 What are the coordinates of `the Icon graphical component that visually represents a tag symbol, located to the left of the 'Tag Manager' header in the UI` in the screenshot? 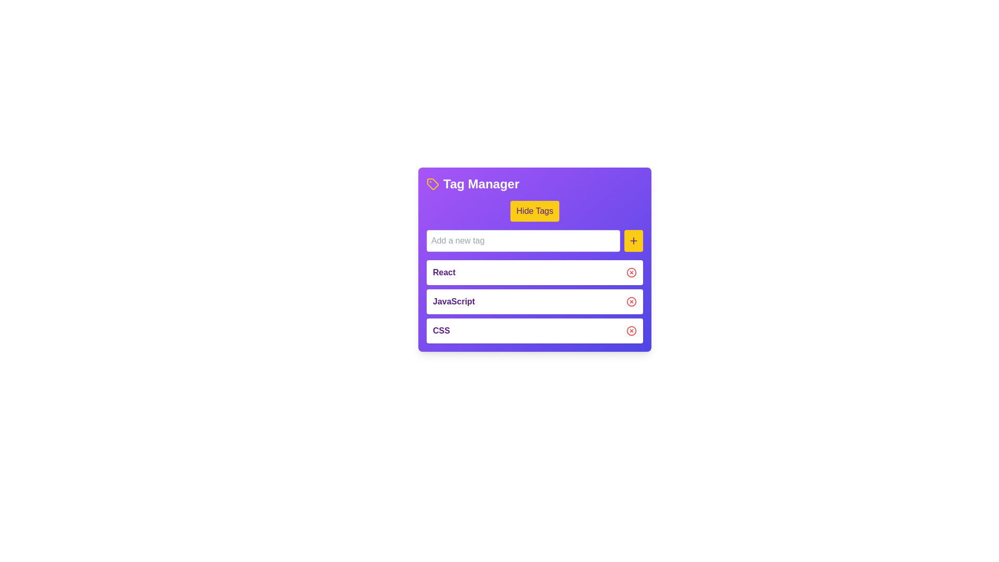 It's located at (432, 184).